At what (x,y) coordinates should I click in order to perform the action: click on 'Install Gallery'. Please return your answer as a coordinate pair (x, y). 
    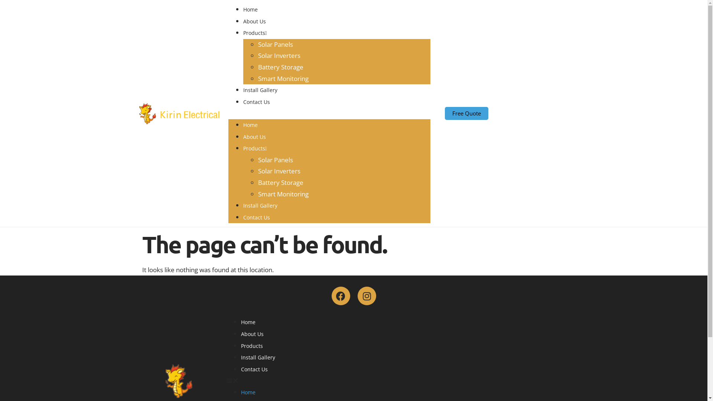
    Looking at the image, I should click on (260, 205).